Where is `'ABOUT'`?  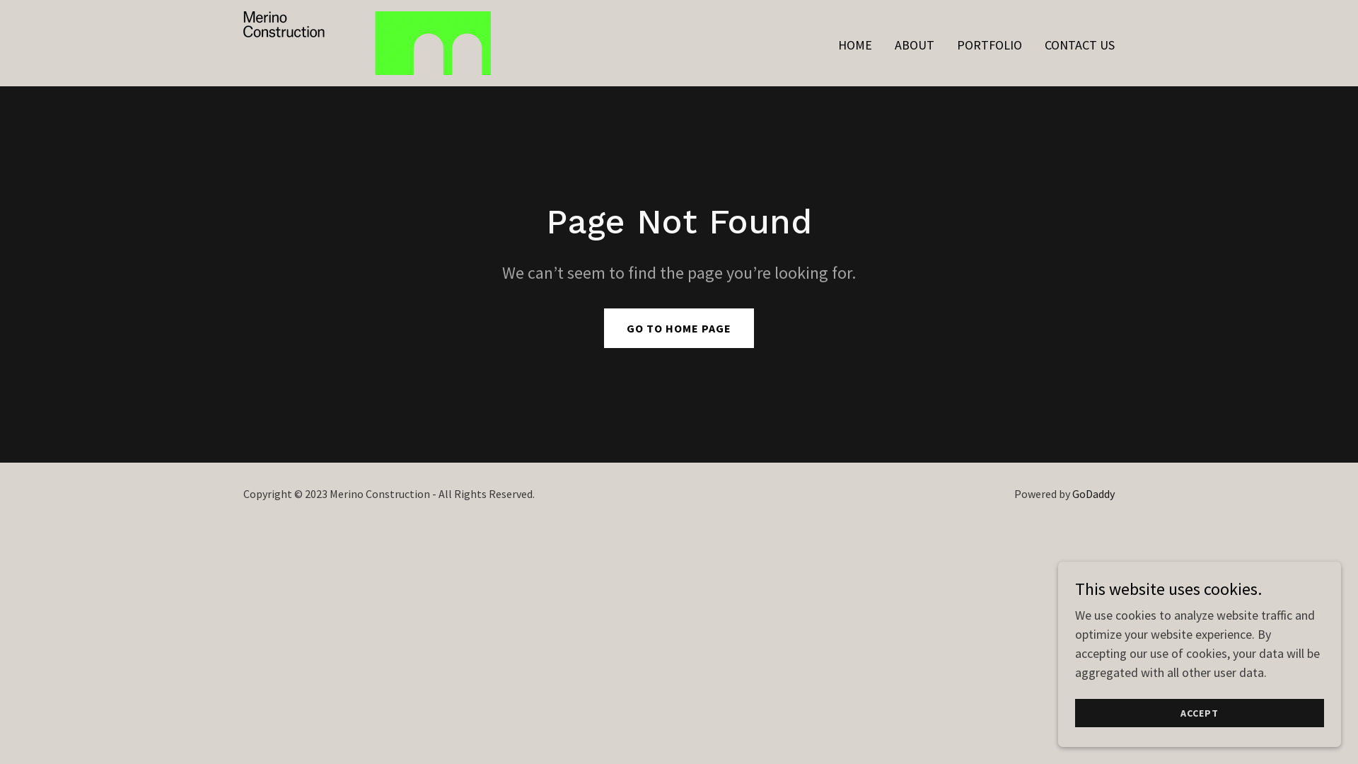
'ABOUT' is located at coordinates (889, 45).